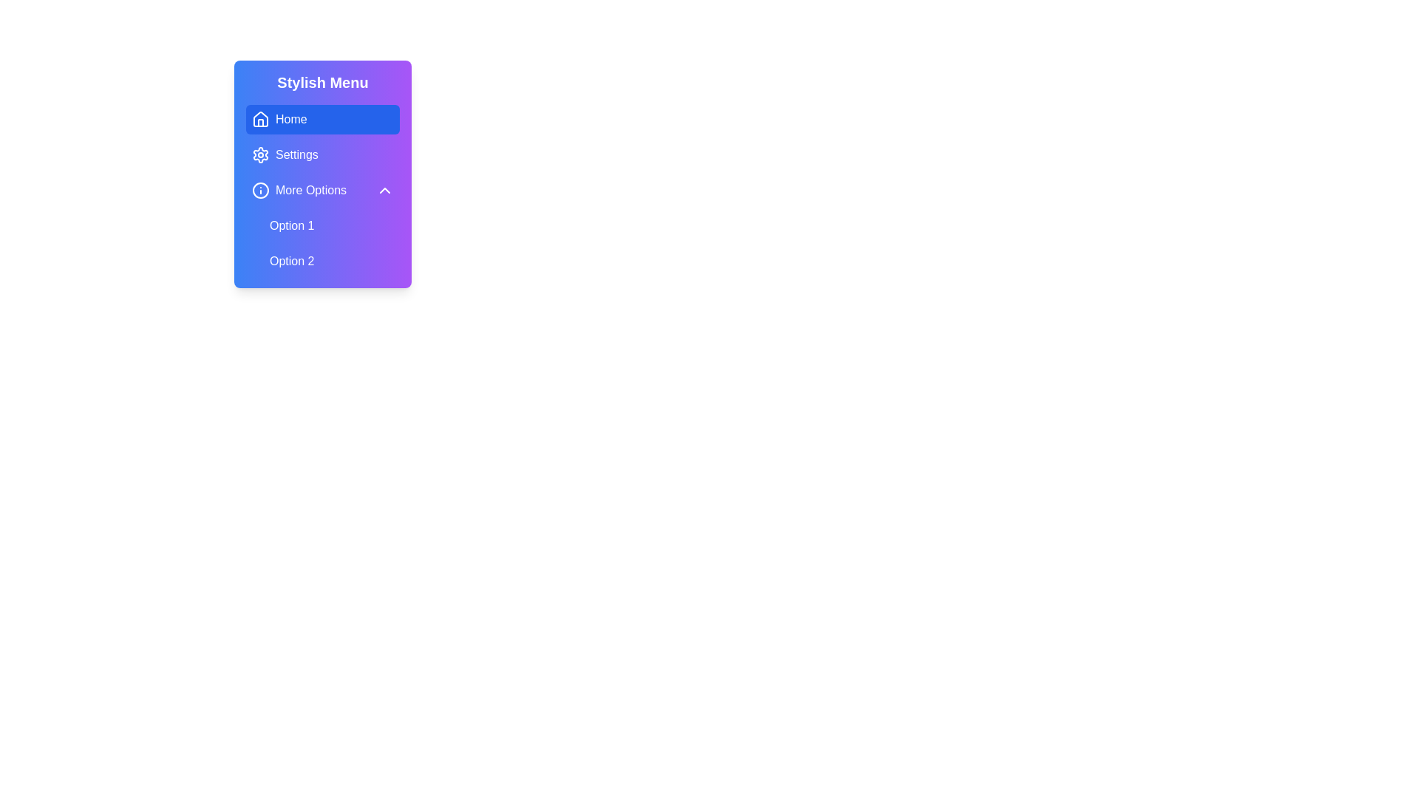  Describe the element at coordinates (321, 173) in the screenshot. I see `an option in the 'Stylish Menu' dropdown` at that location.